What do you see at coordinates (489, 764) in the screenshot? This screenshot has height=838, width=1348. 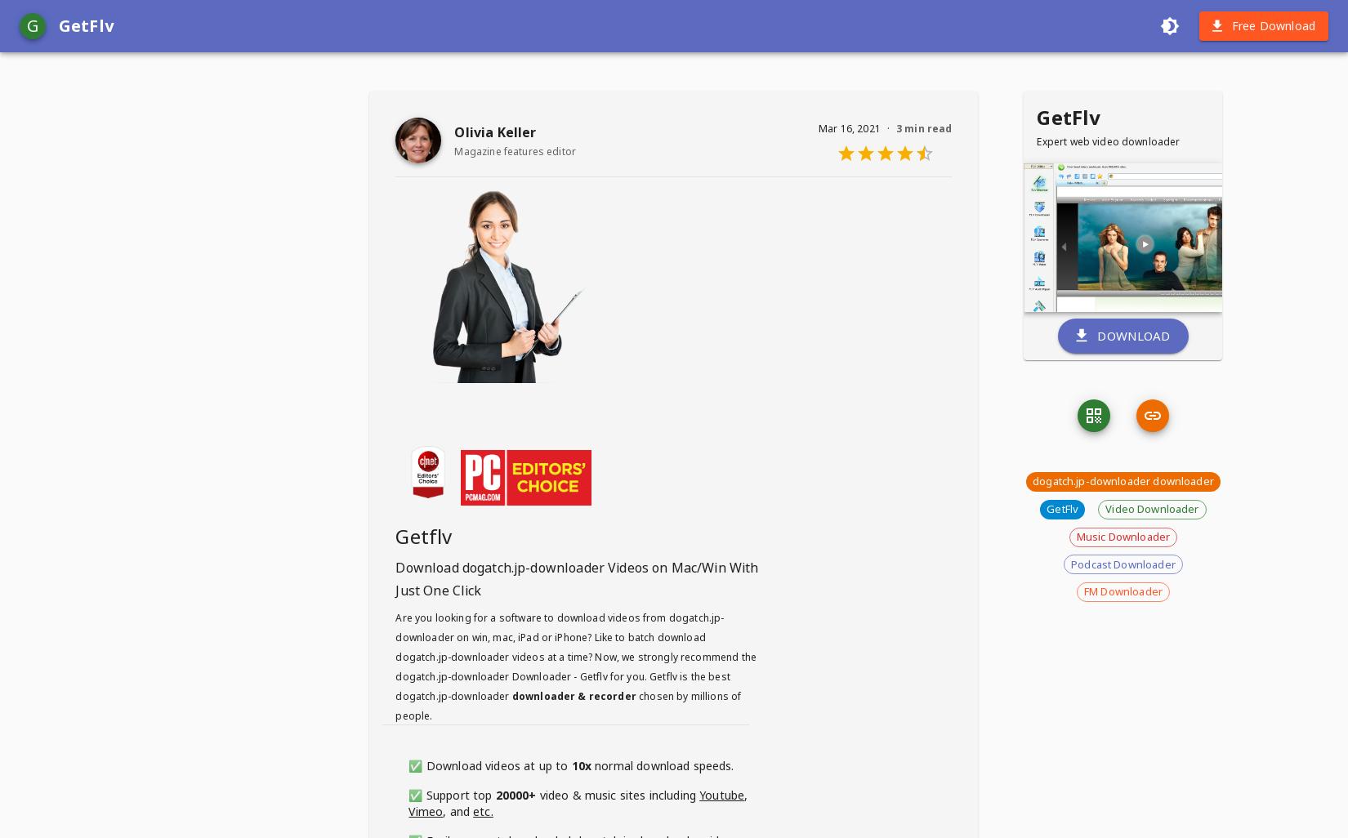 I see `'✅ Download videos at up to'` at bounding box center [489, 764].